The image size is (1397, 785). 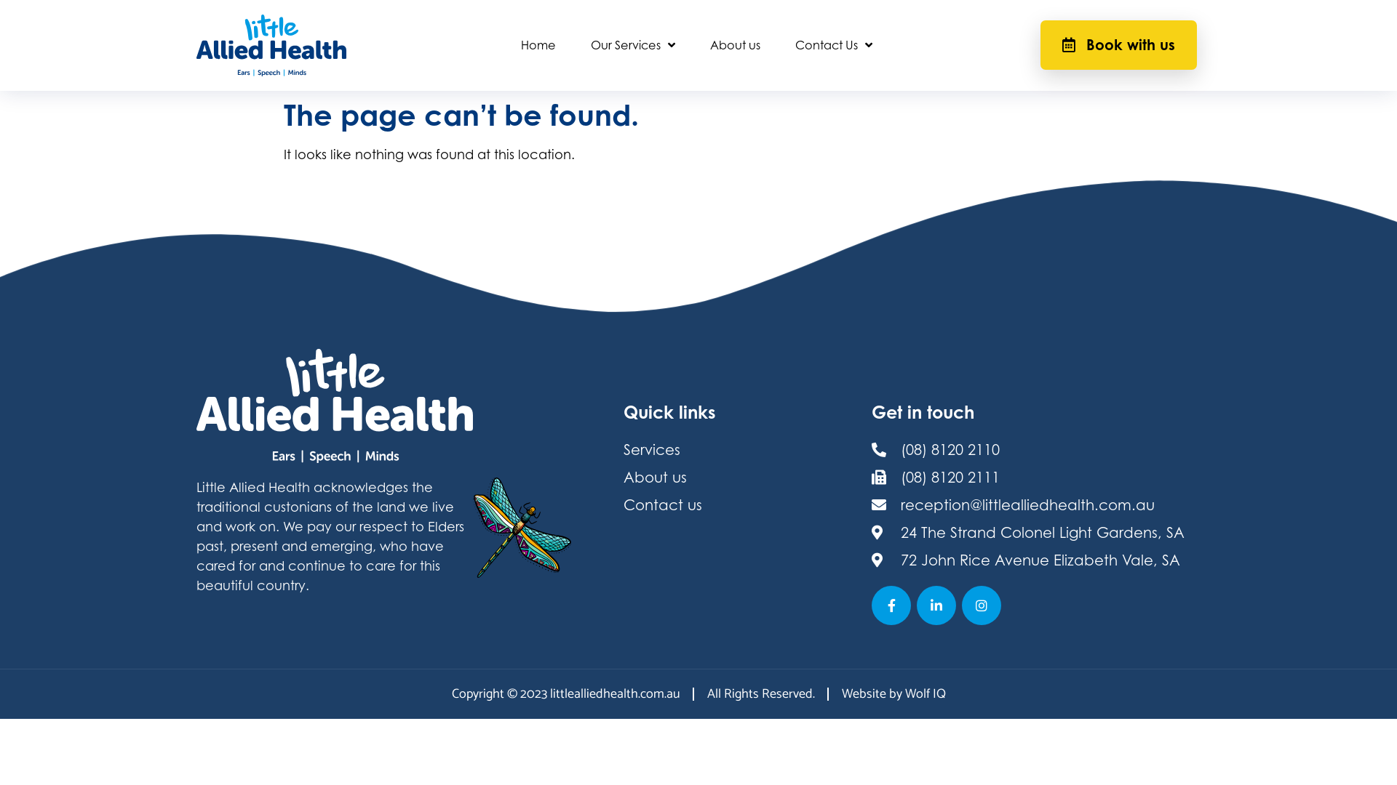 What do you see at coordinates (572, 44) in the screenshot?
I see `'Our Services'` at bounding box center [572, 44].